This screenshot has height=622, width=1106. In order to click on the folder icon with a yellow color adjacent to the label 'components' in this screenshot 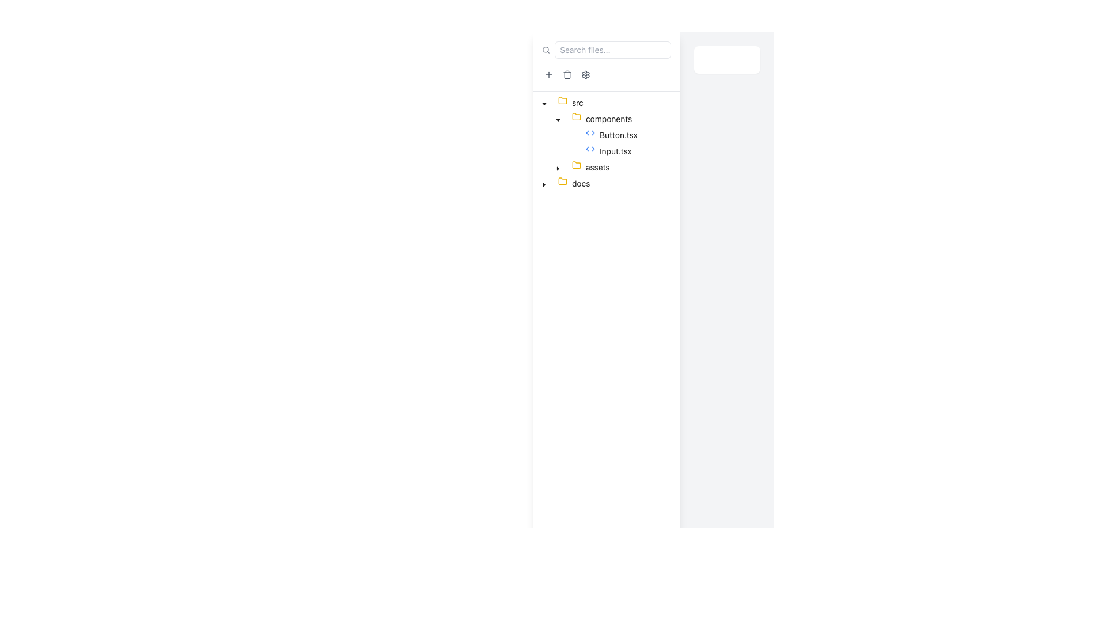, I will do `click(587, 119)`.